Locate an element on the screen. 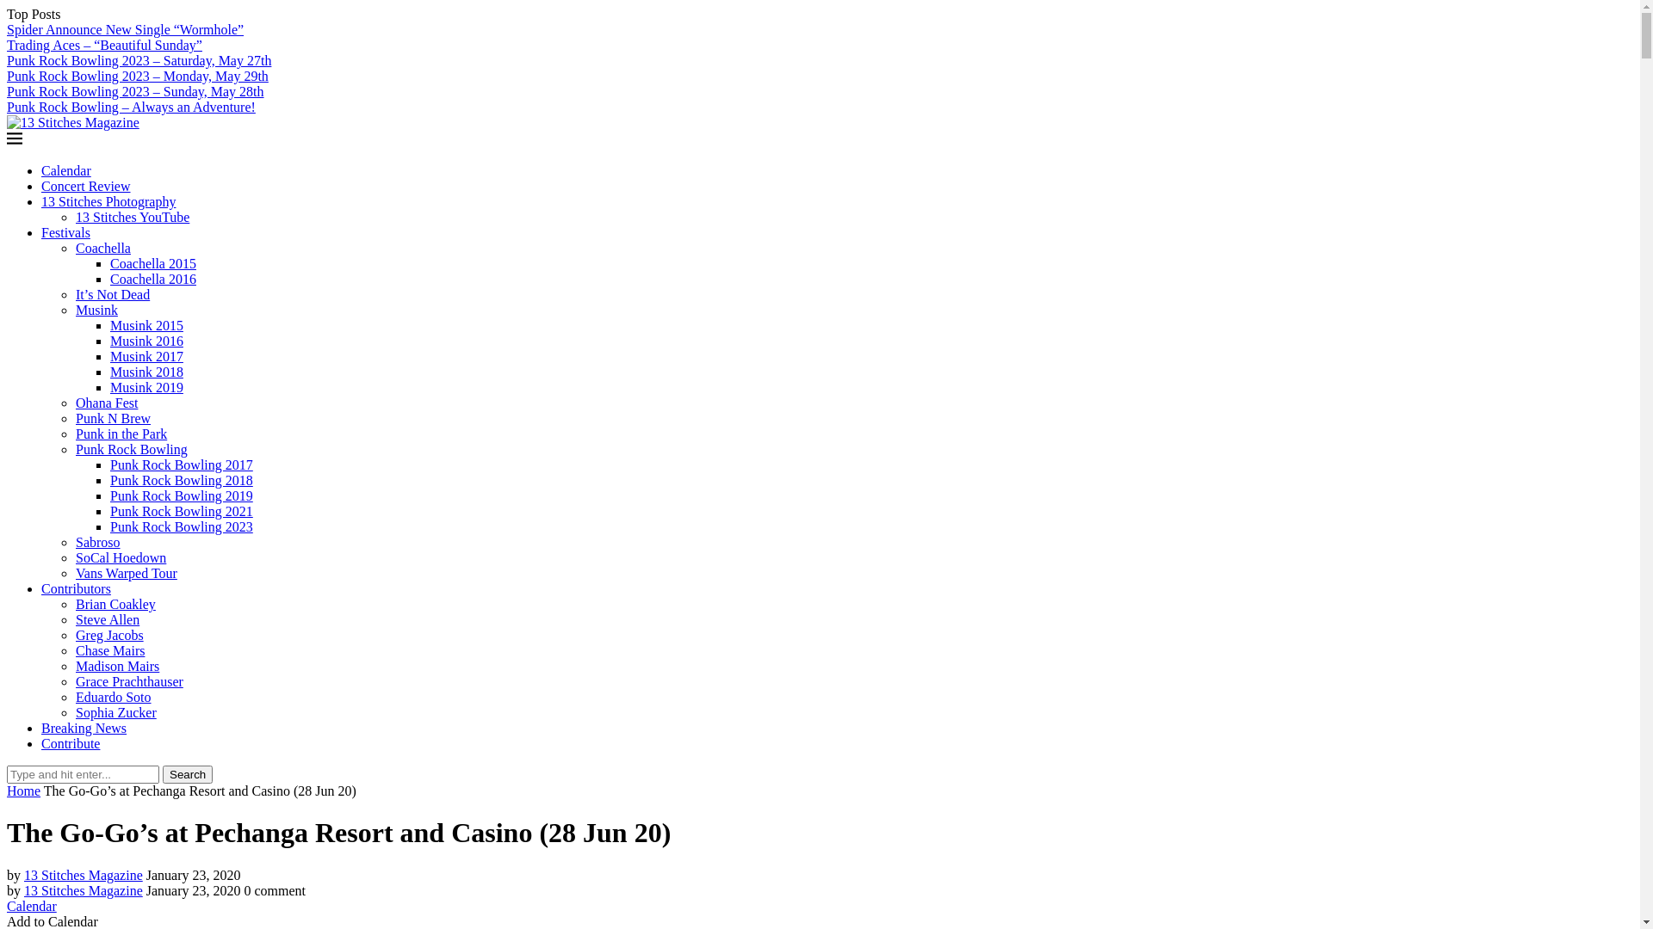 The height and width of the screenshot is (929, 1653). 'Search' is located at coordinates (187, 774).